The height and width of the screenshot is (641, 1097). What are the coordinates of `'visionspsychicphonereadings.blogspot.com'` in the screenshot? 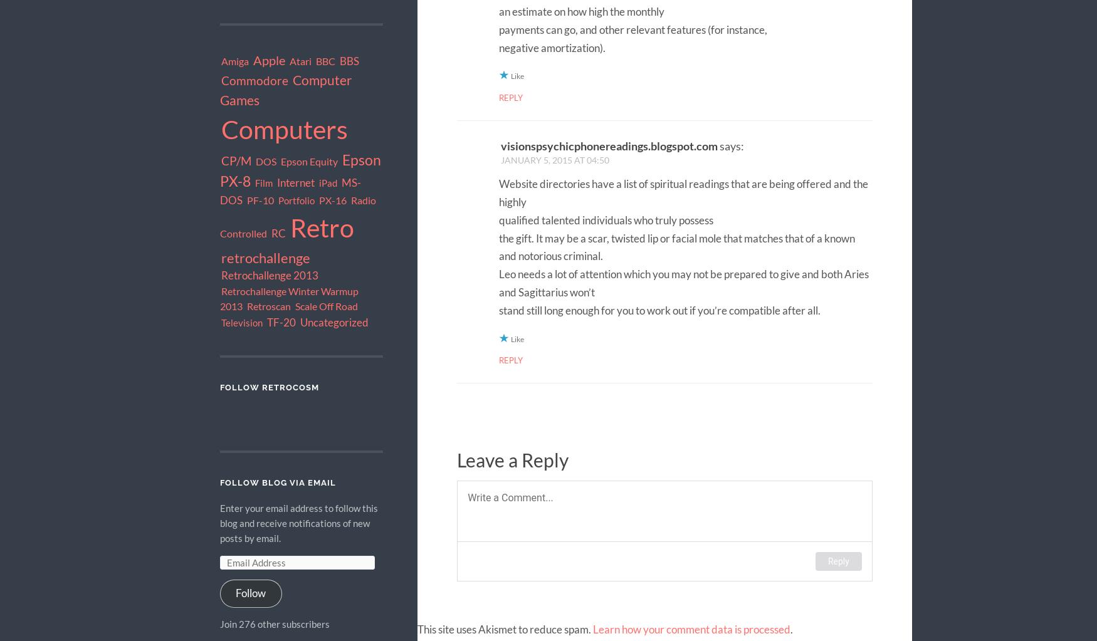 It's located at (609, 145).